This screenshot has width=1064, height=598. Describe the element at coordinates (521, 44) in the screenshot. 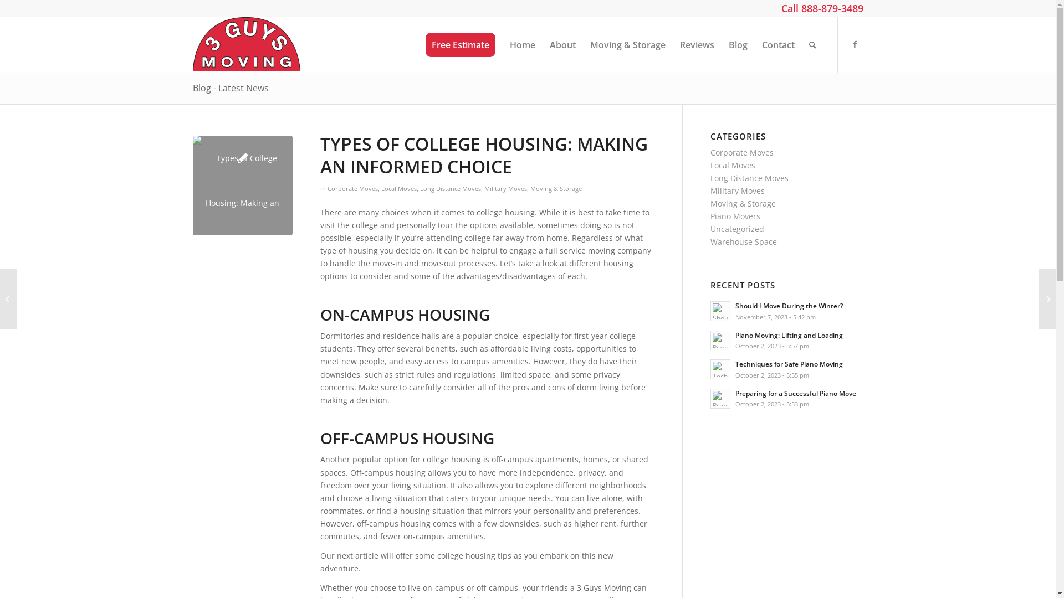

I see `'Home'` at that location.